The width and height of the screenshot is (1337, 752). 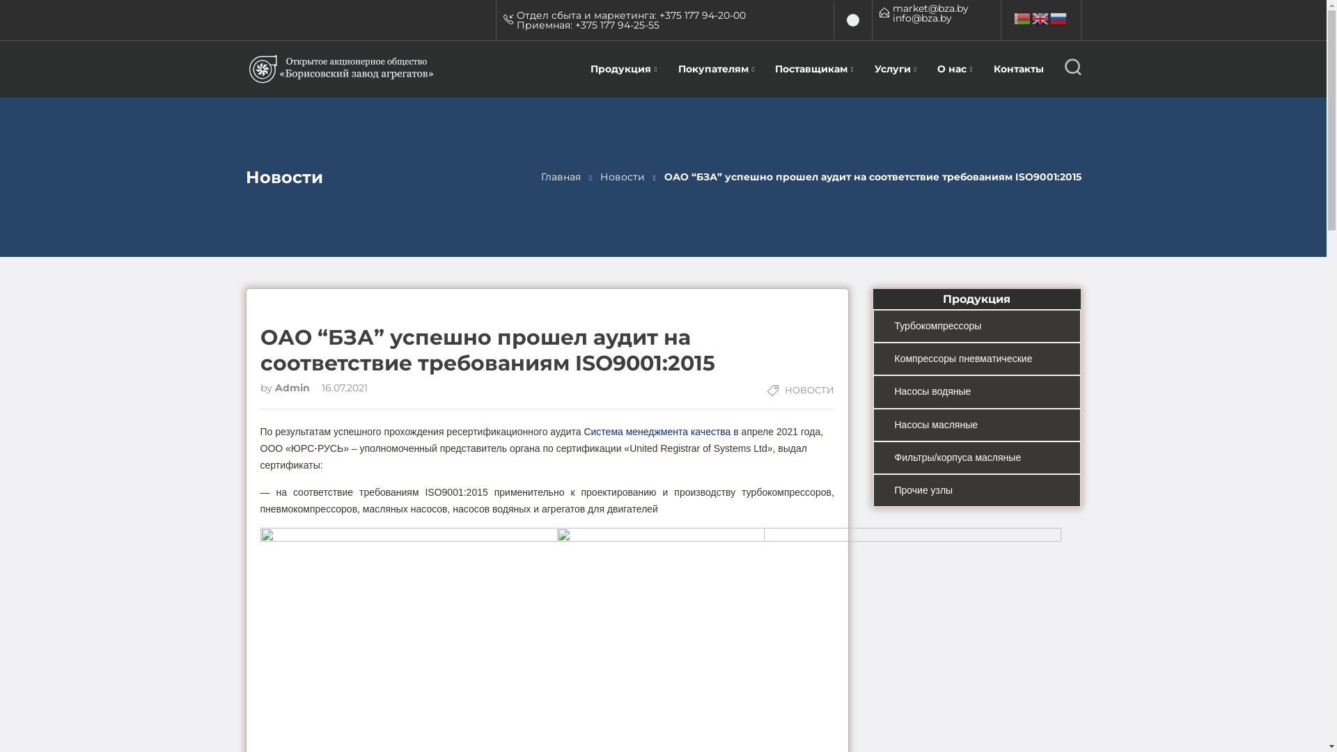 What do you see at coordinates (292, 387) in the screenshot?
I see `'Admin'` at bounding box center [292, 387].